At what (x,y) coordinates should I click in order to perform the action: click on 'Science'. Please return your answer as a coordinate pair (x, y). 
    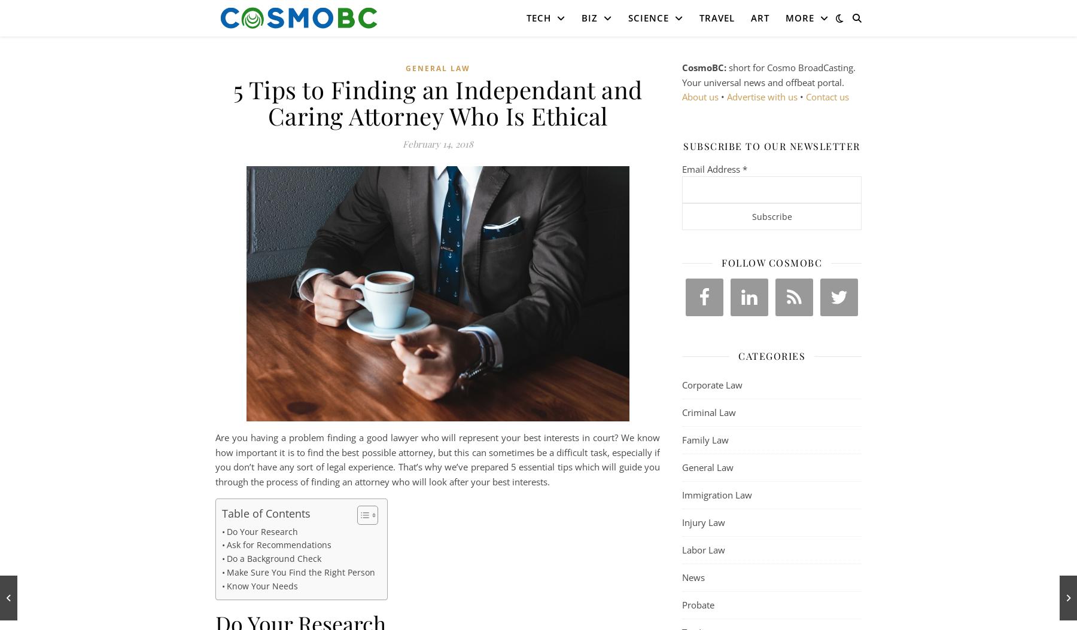
    Looking at the image, I should click on (648, 18).